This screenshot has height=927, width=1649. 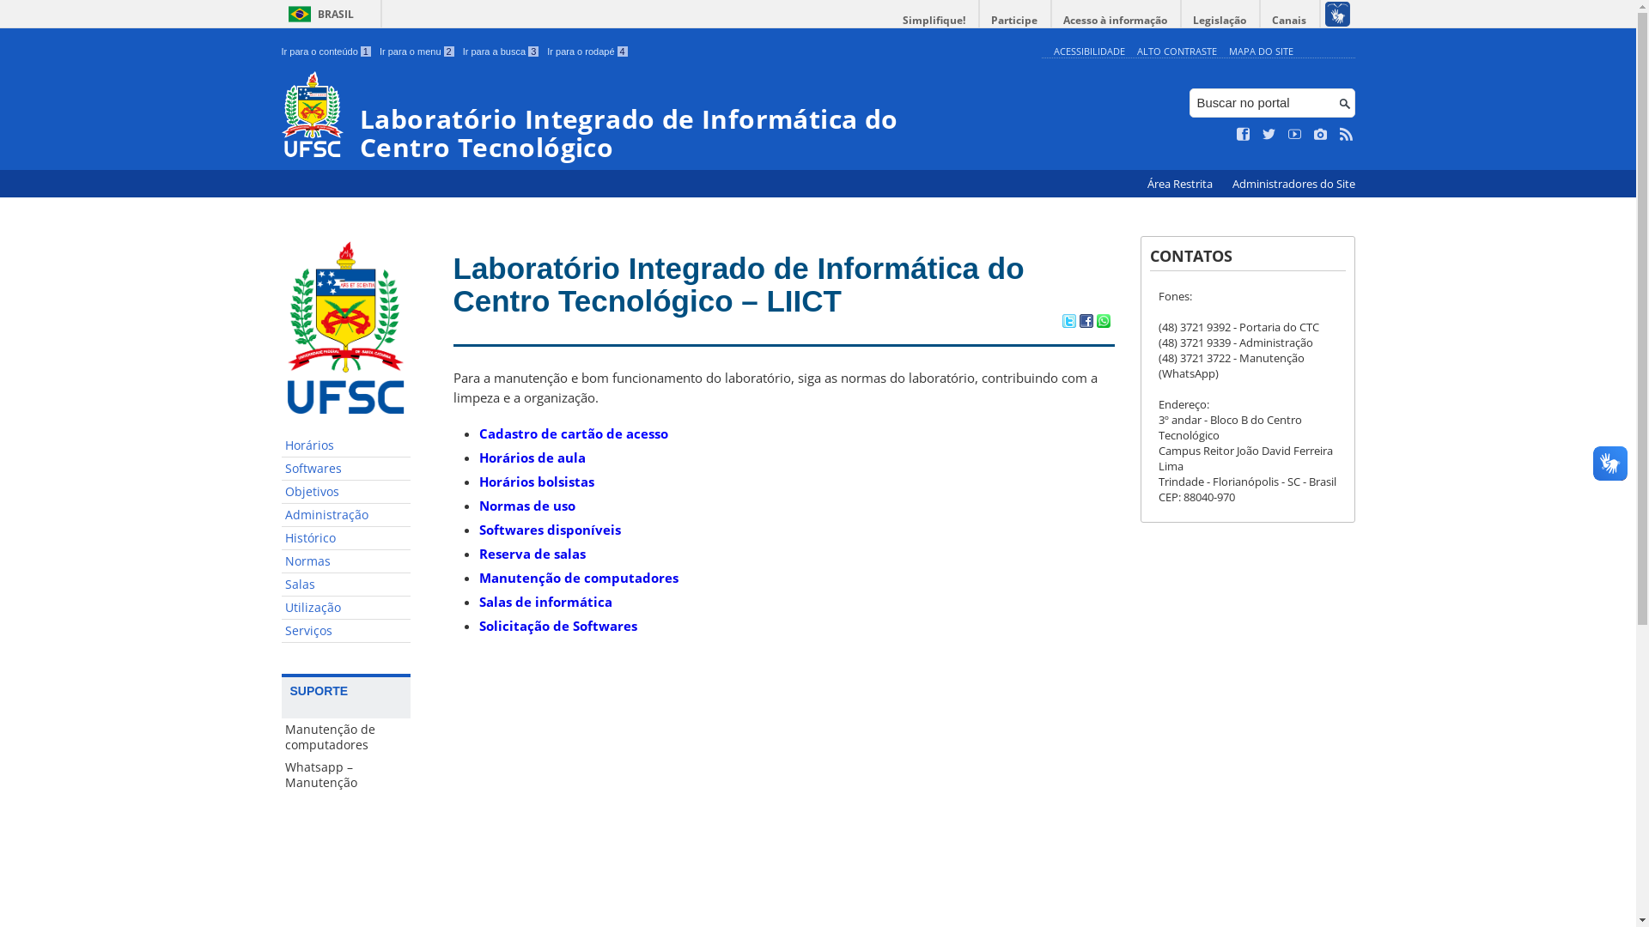 What do you see at coordinates (1290, 20) in the screenshot?
I see `'Canais'` at bounding box center [1290, 20].